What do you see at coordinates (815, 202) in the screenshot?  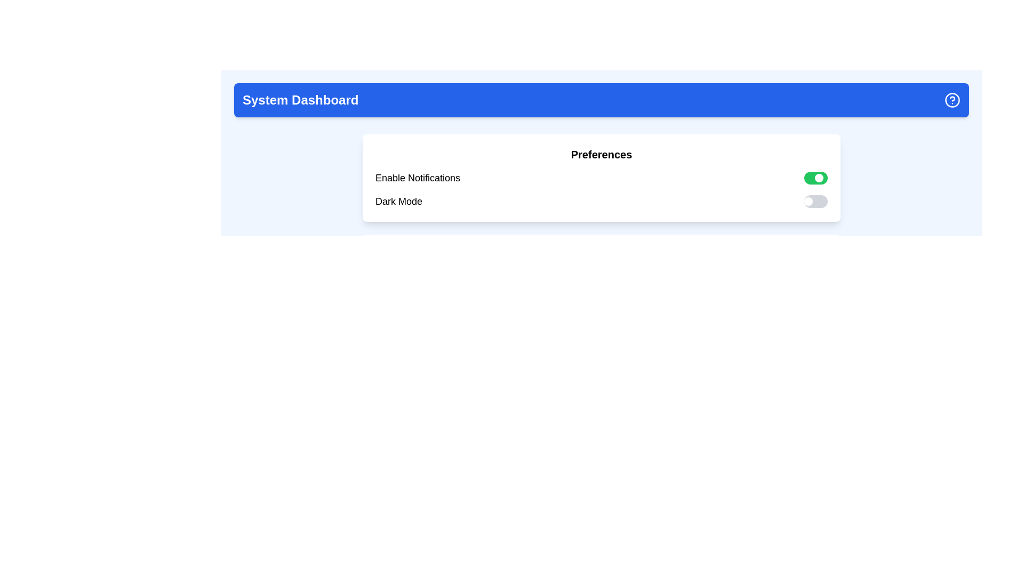 I see `the toggle switch styled as a rounded rectangle with a light gray background and a white knob, located to the right of the 'Dark Mode' label, to change its state` at bounding box center [815, 202].